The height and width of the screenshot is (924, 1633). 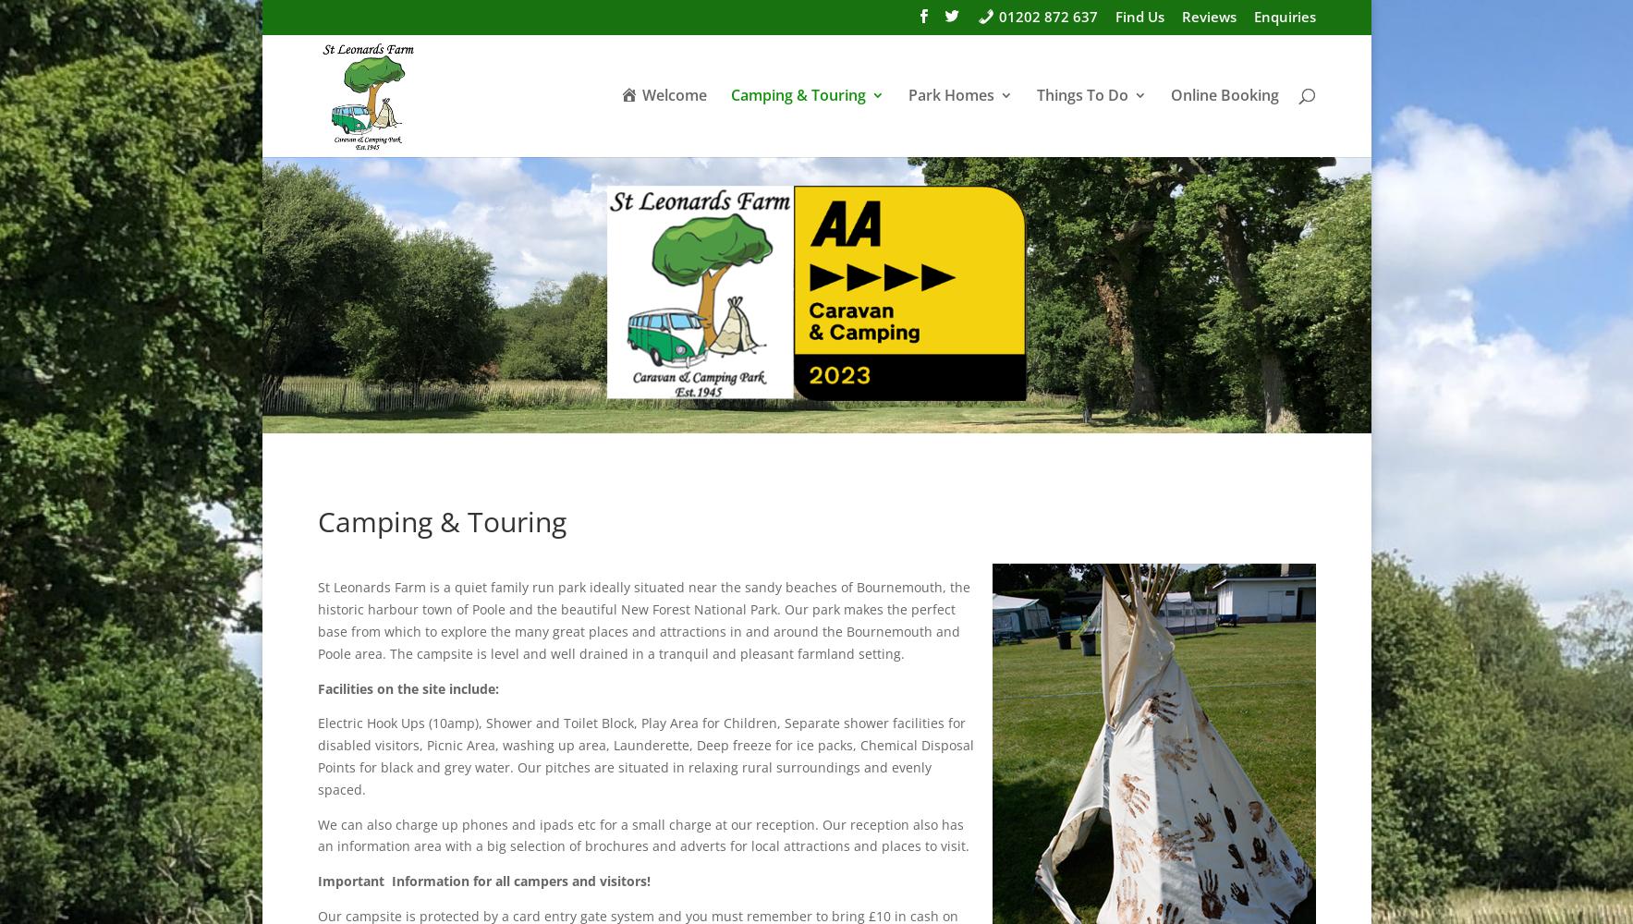 I want to click on 'Bookings', so click(x=749, y=254).